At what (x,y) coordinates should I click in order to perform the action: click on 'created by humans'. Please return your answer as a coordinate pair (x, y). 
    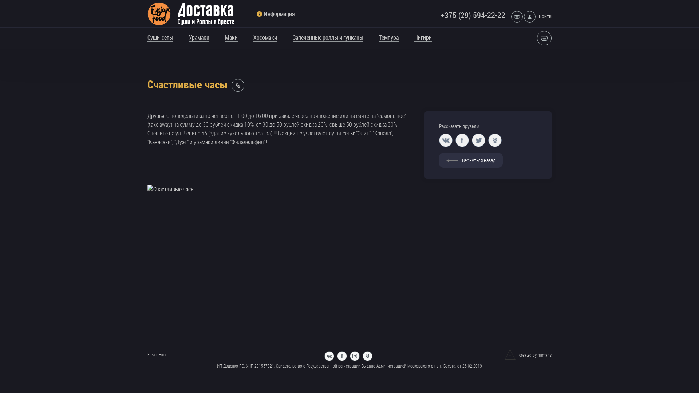
    Looking at the image, I should click on (528, 354).